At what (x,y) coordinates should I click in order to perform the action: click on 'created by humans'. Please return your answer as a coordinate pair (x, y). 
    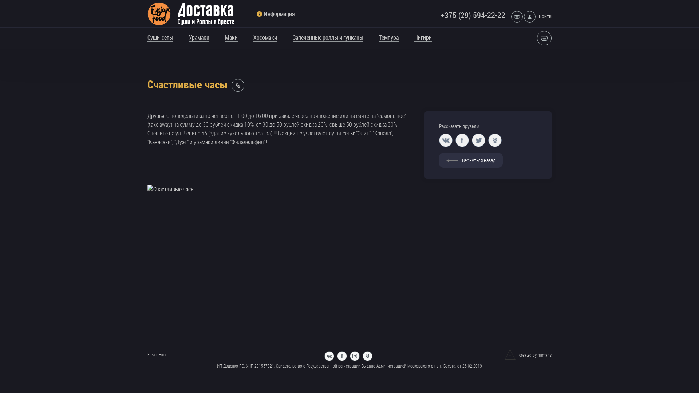
    Looking at the image, I should click on (528, 354).